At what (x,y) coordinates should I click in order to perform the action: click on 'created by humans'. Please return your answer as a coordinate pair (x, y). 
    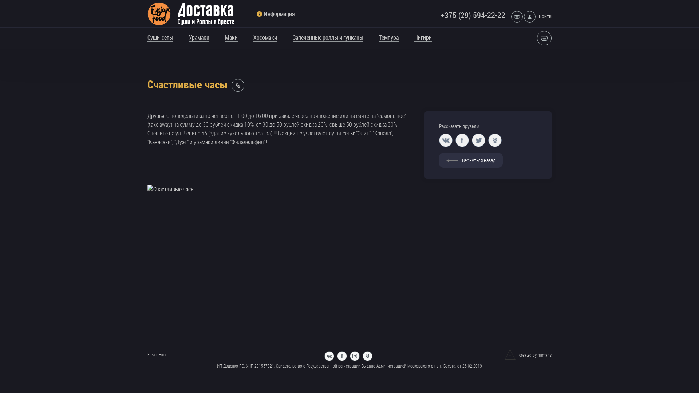
    Looking at the image, I should click on (528, 354).